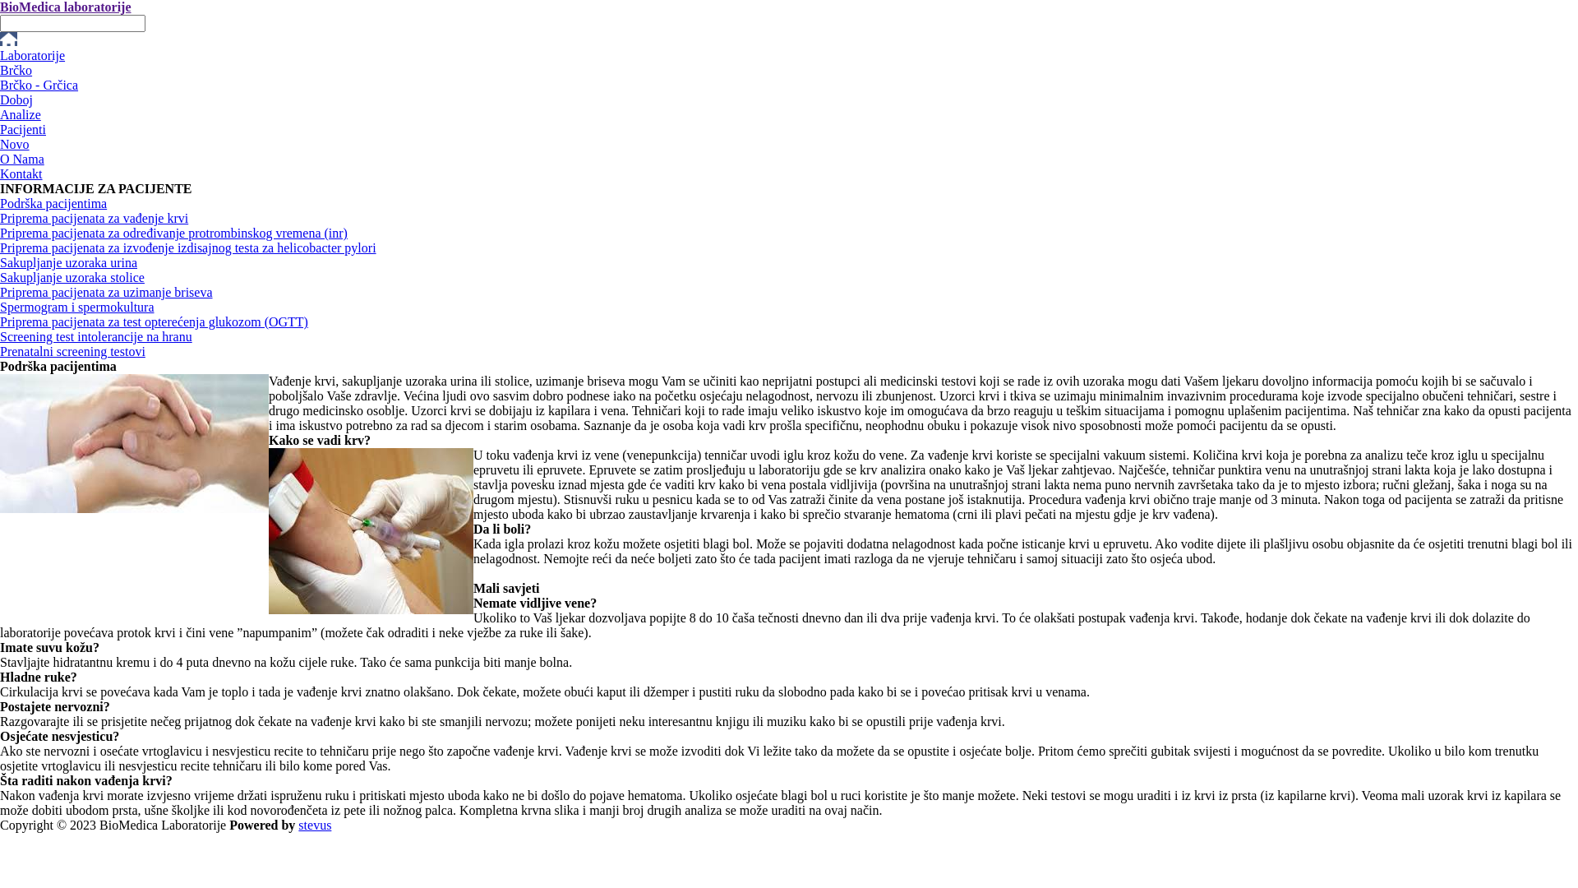 This screenshot has height=888, width=1578. Describe the element at coordinates (105, 291) in the screenshot. I see `'Priprema pacijenata za uzimanje briseva'` at that location.